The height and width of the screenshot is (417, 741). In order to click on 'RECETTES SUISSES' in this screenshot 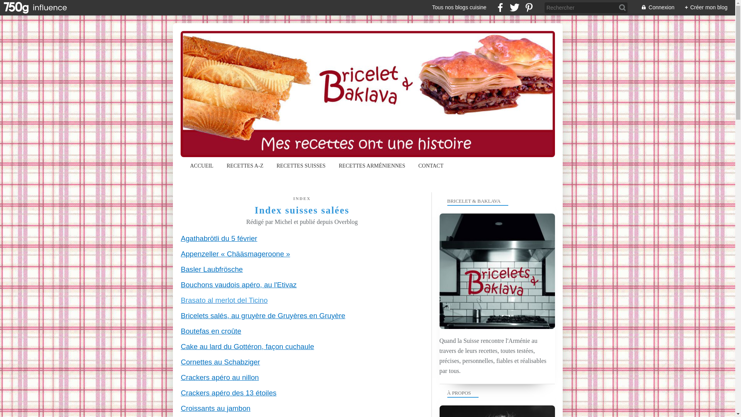, I will do `click(300, 165)`.